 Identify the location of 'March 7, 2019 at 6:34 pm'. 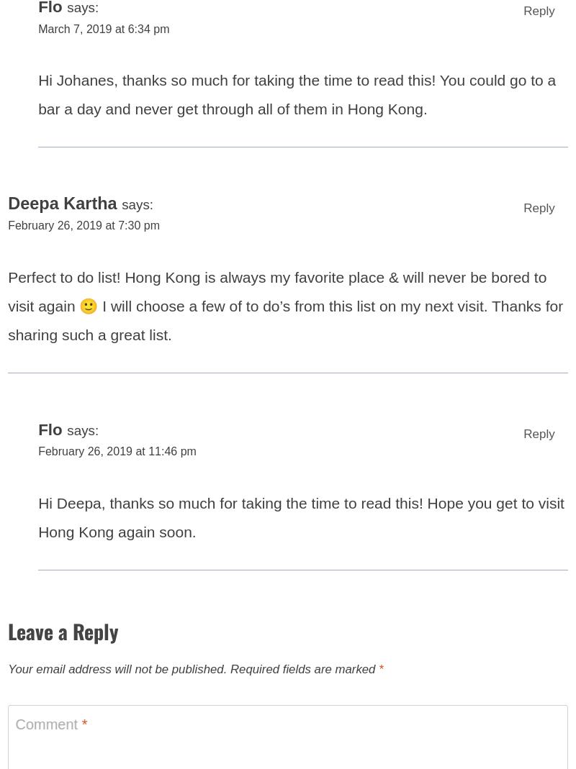
(107, 36).